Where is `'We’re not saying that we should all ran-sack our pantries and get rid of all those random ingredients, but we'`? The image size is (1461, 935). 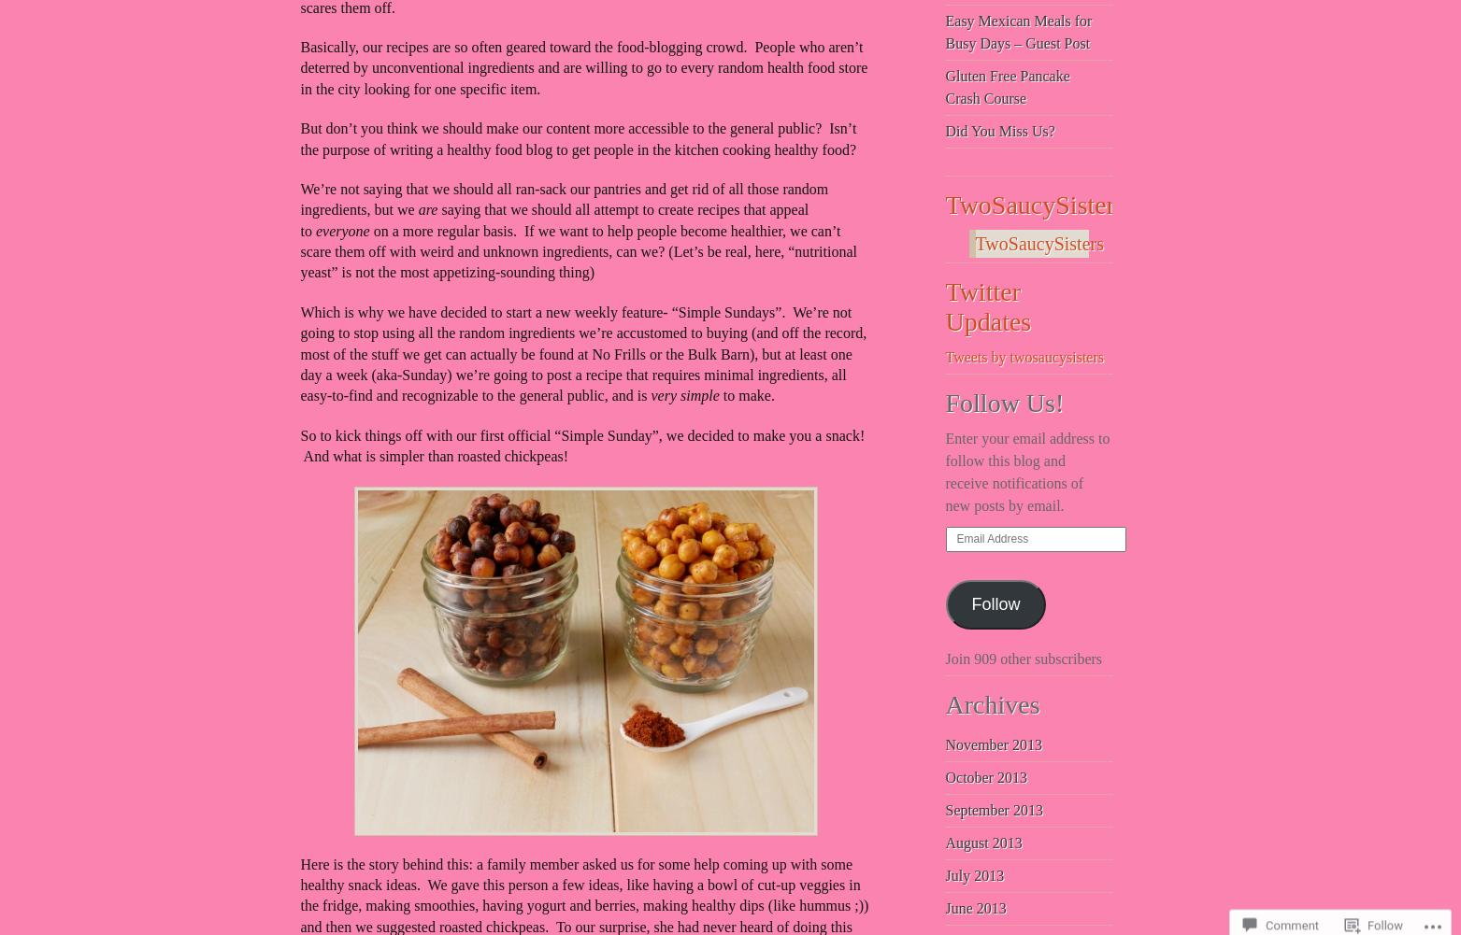
'We’re not saying that we should all ran-sack our pantries and get rid of all those random ingredients, but we' is located at coordinates (563, 199).